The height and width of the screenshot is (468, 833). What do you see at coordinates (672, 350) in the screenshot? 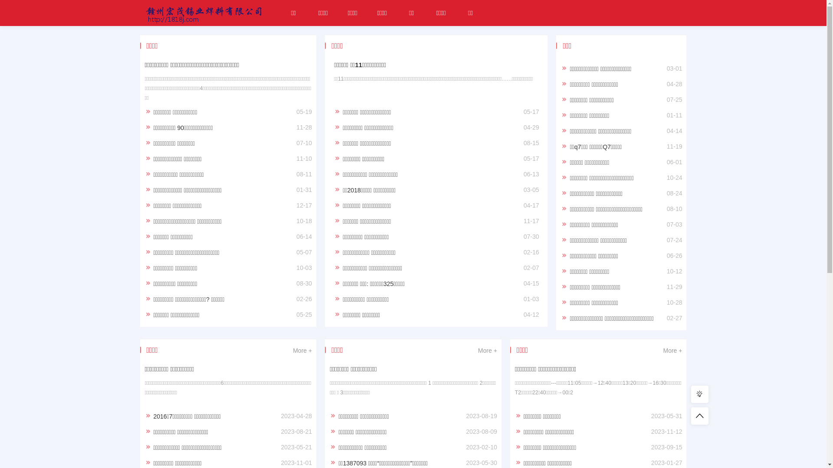
I see `'More +'` at bounding box center [672, 350].